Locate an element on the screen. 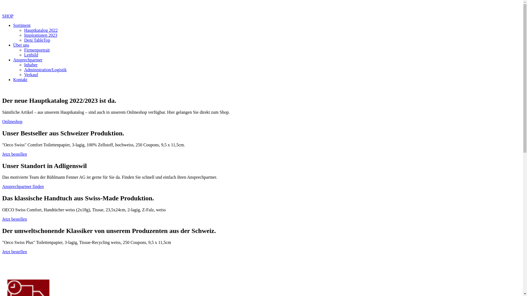  'Administration/Logistik' is located at coordinates (45, 69).